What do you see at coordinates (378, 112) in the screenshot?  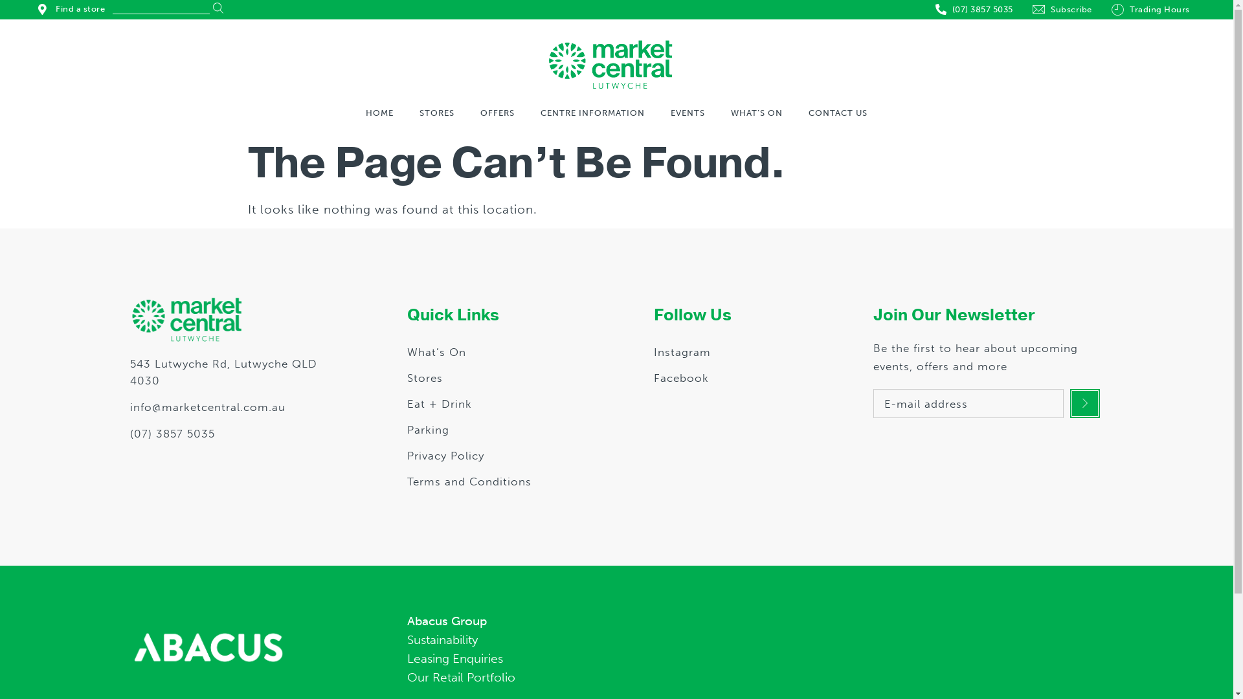 I see `'HOME'` at bounding box center [378, 112].